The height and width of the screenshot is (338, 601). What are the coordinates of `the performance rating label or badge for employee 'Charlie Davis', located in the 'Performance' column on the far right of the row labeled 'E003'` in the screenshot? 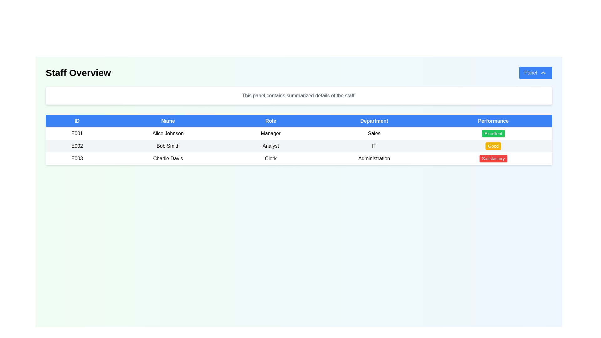 It's located at (493, 158).